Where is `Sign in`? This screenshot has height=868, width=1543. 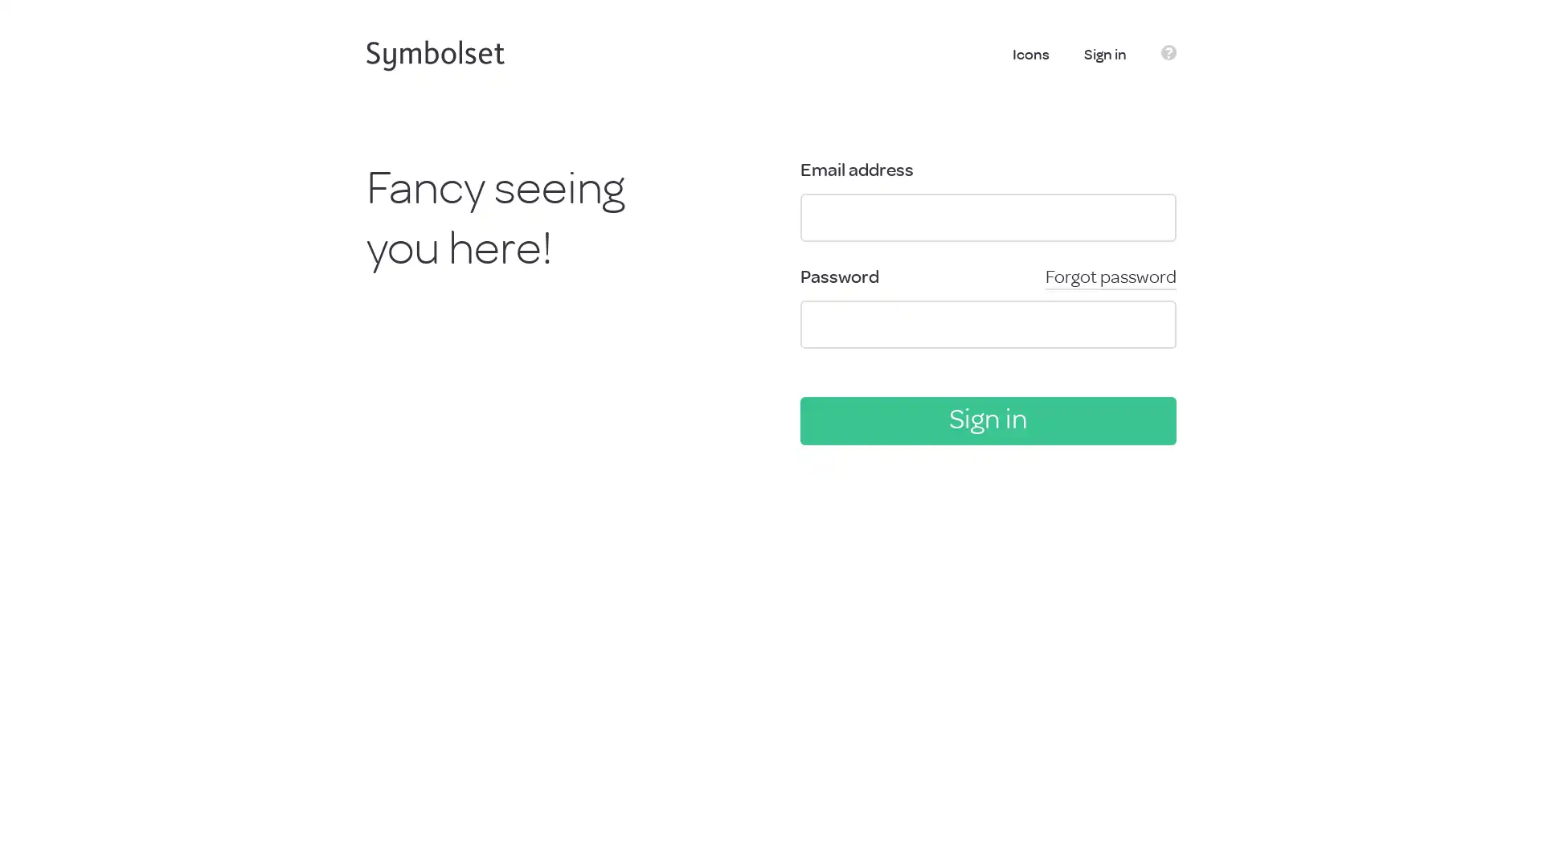
Sign in is located at coordinates (987, 420).